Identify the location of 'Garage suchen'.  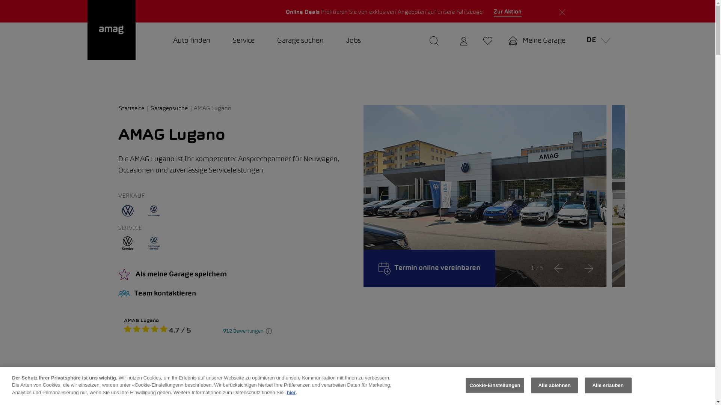
(300, 41).